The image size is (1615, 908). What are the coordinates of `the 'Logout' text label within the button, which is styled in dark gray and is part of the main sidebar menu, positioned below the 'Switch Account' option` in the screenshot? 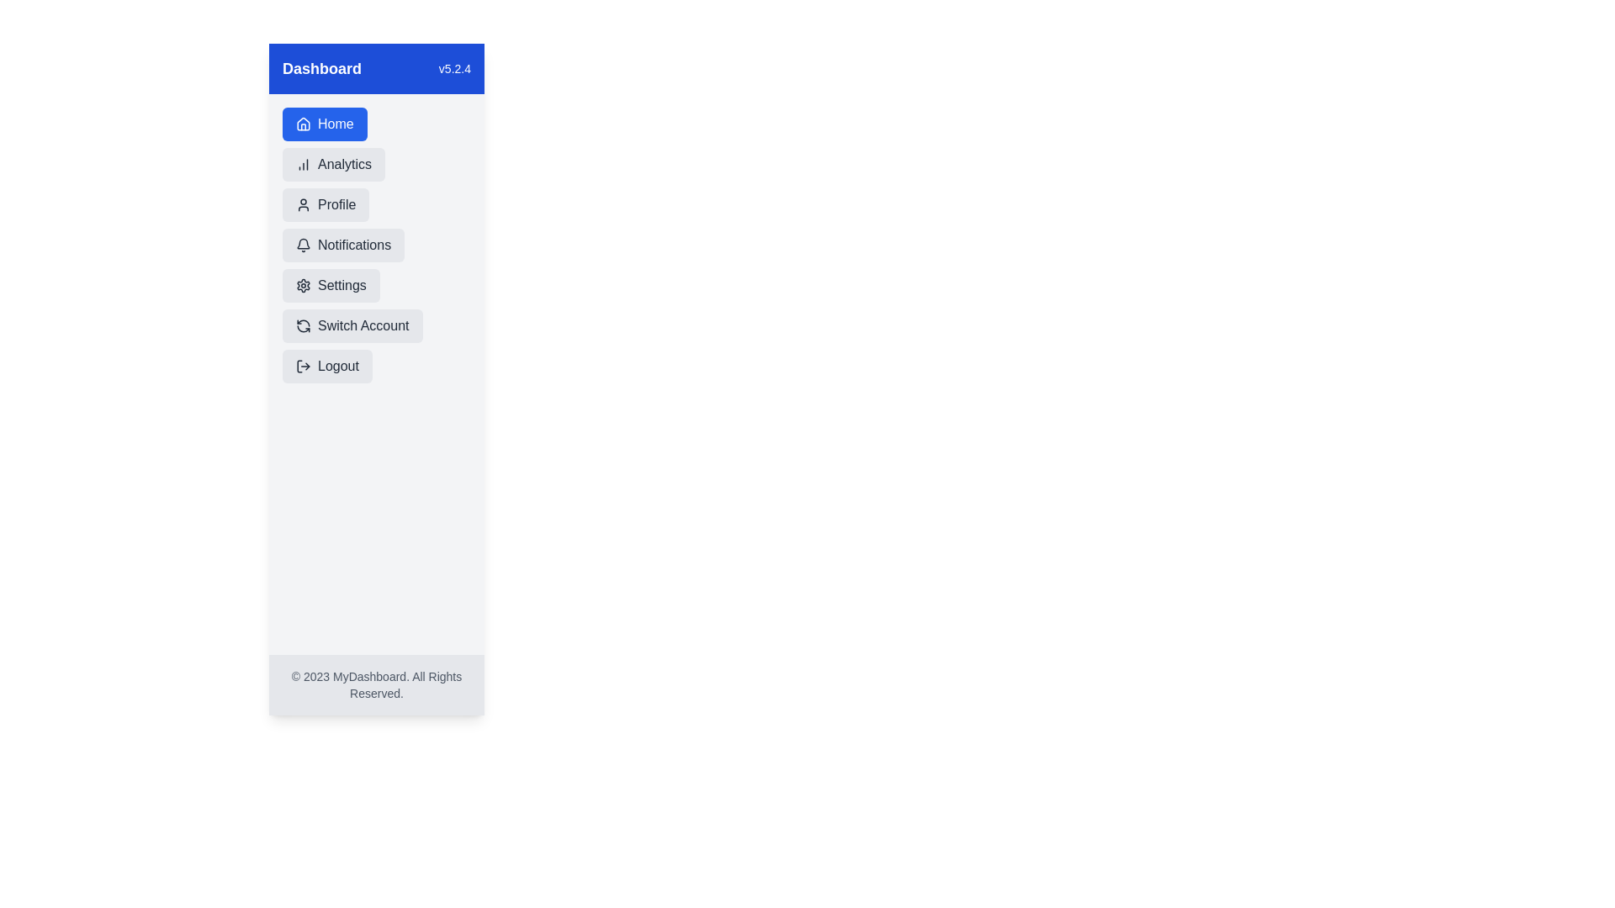 It's located at (337, 365).